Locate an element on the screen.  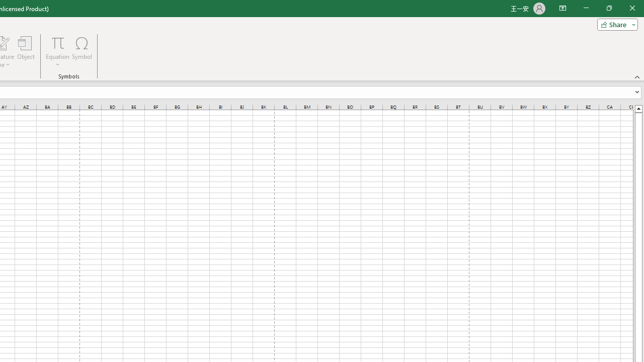
'Symbol...' is located at coordinates (82, 52).